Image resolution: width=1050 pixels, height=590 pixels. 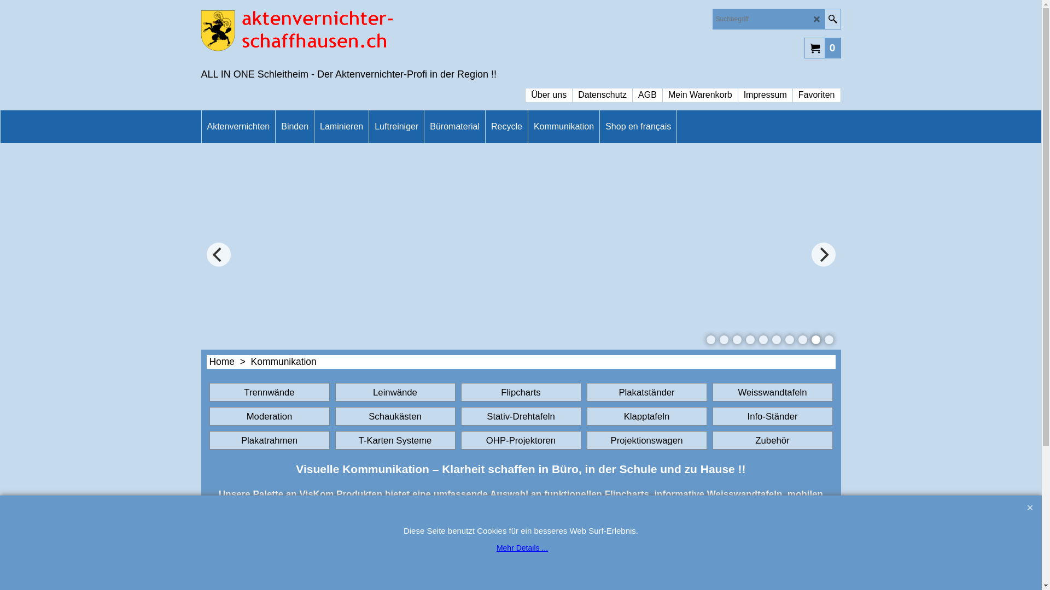 What do you see at coordinates (294, 126) in the screenshot?
I see `'Binden'` at bounding box center [294, 126].